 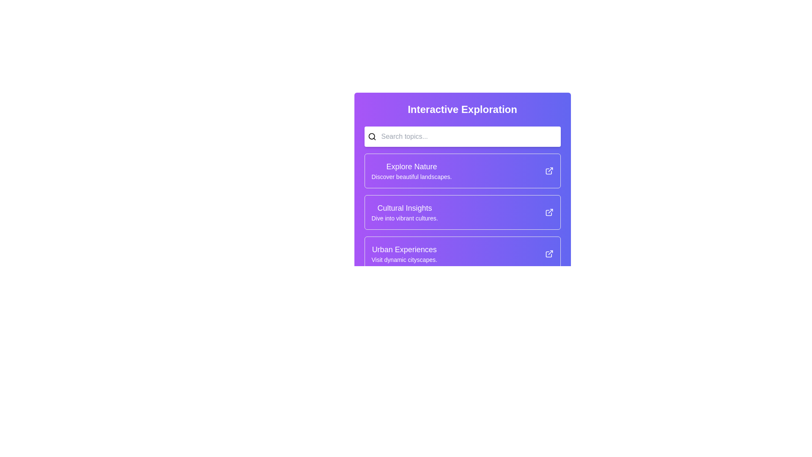 I want to click on the icon on the far right side of the 'Explore Nature' section, so click(x=549, y=171).